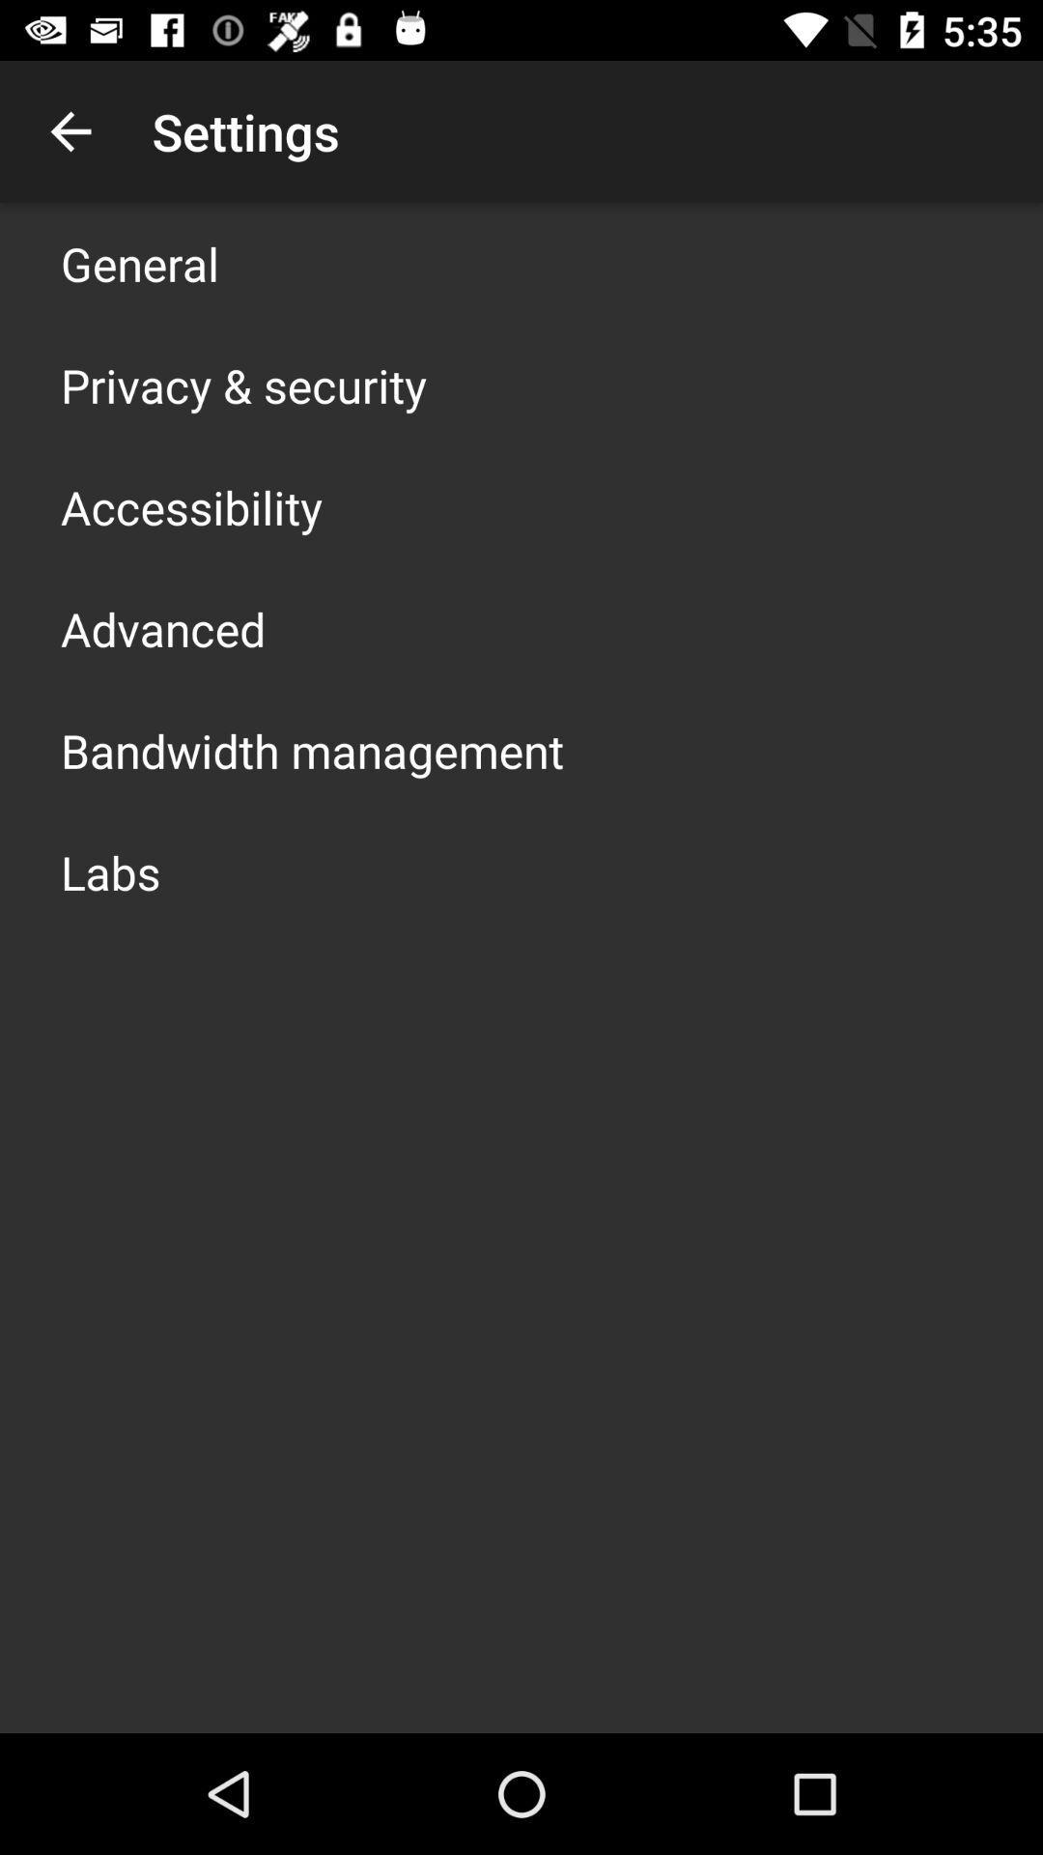 Image resolution: width=1043 pixels, height=1855 pixels. Describe the element at coordinates (191, 506) in the screenshot. I see `the accessibility icon` at that location.